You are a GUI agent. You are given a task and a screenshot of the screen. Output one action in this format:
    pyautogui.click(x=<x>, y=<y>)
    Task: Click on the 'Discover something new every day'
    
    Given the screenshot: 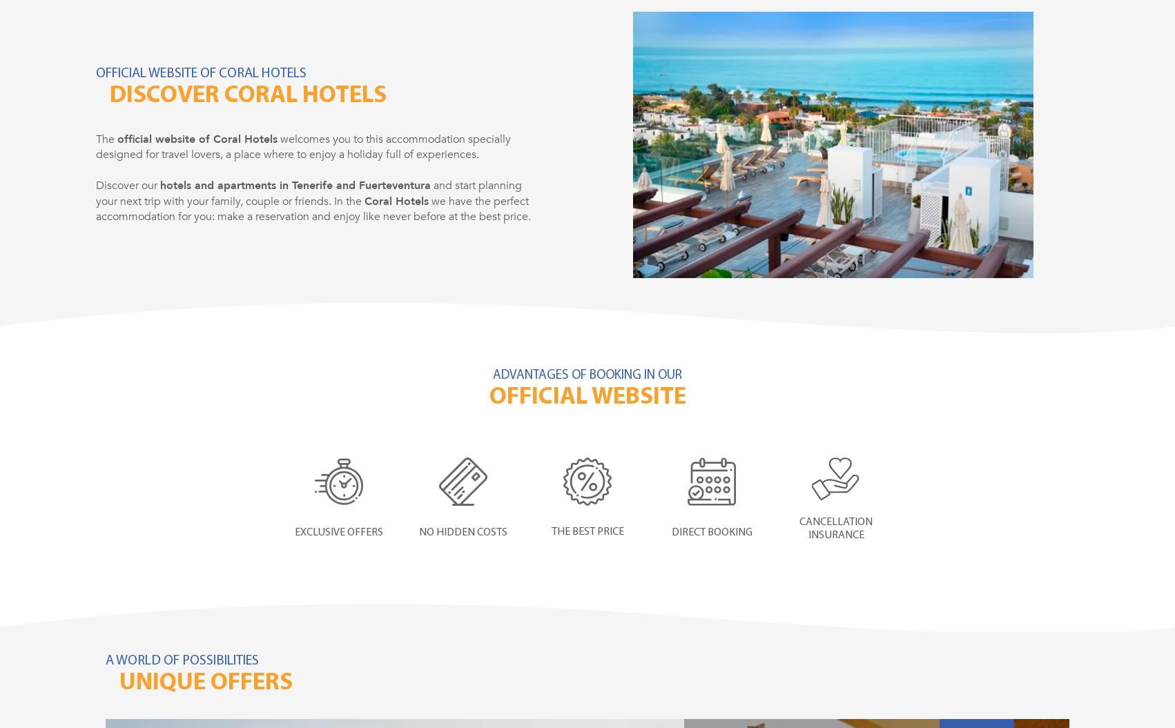 What is the action you would take?
    pyautogui.click(x=338, y=433)
    